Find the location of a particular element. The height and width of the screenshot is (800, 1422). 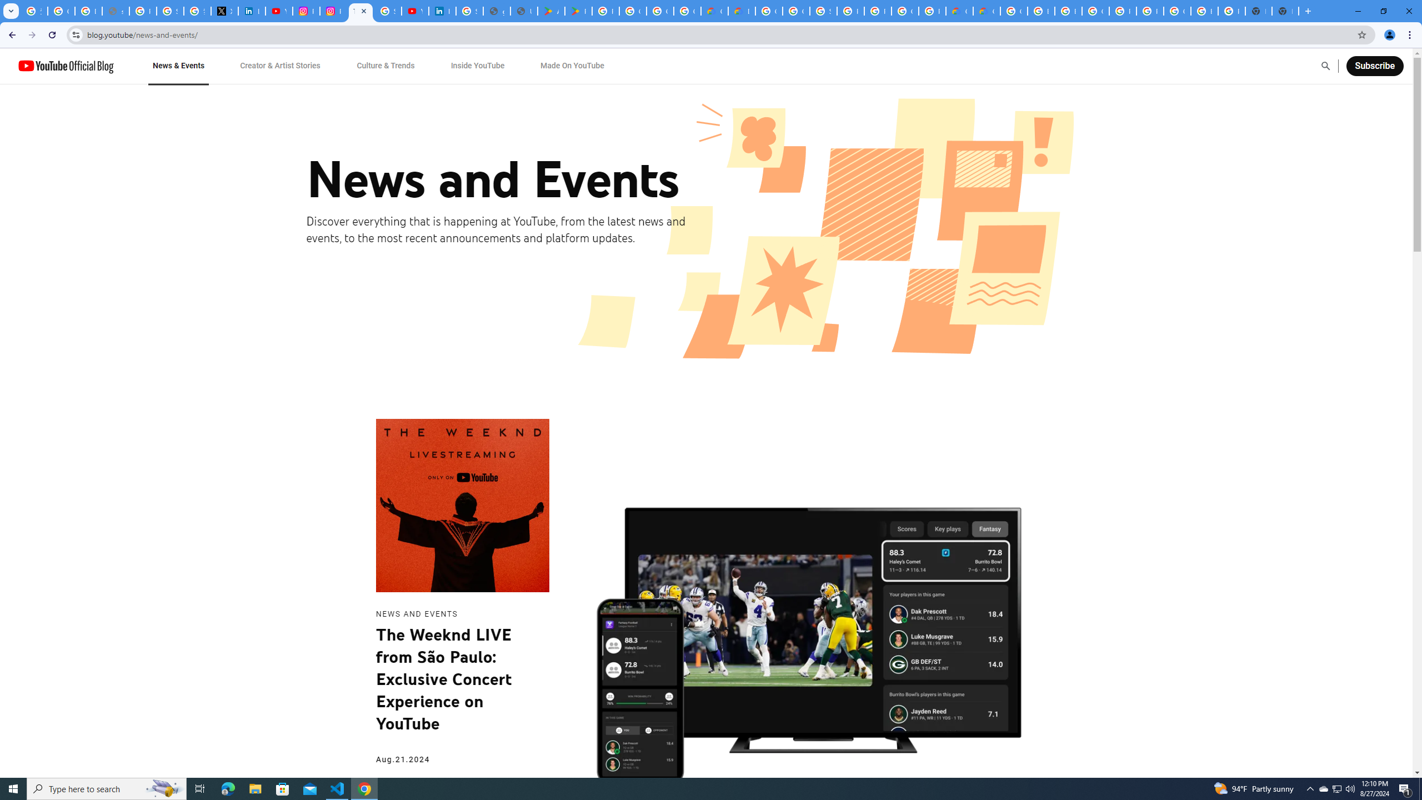

'Browse Chrome as a guest - Computer - Google Chrome Help' is located at coordinates (1067, 11).